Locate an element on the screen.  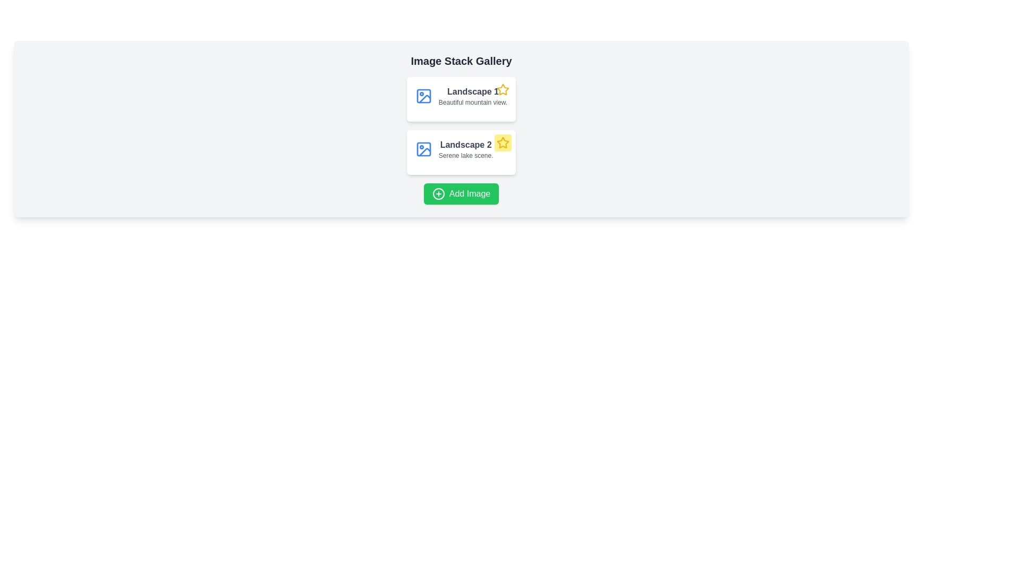
the blue image placeholder icon representing a mountain scene is located at coordinates (423, 96).